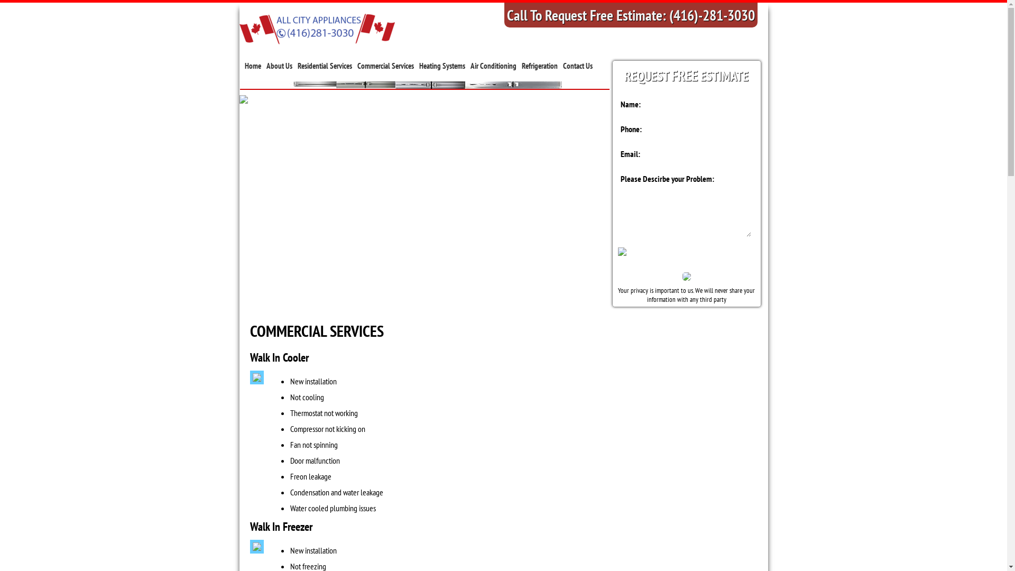  What do you see at coordinates (279, 66) in the screenshot?
I see `'About Us'` at bounding box center [279, 66].